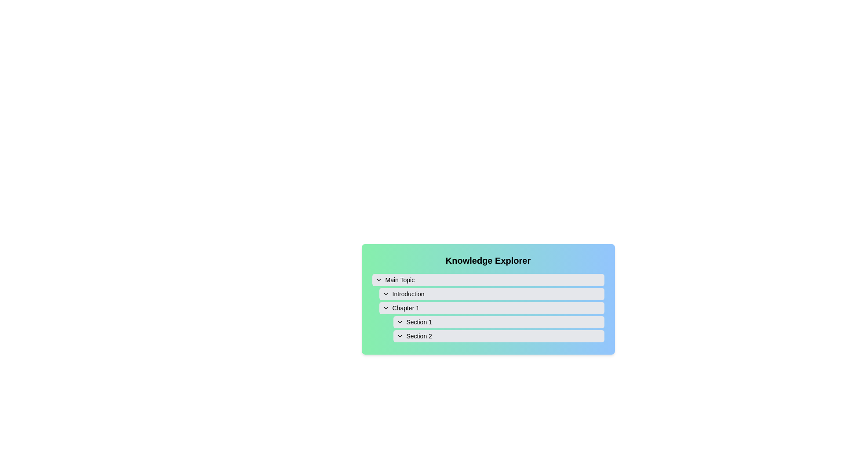 This screenshot has width=844, height=474. Describe the element at coordinates (487, 260) in the screenshot. I see `the centered, bold, large title text 'Knowledge Explorer' located at the top center of a gradient background card transitioning from green to blue` at that location.